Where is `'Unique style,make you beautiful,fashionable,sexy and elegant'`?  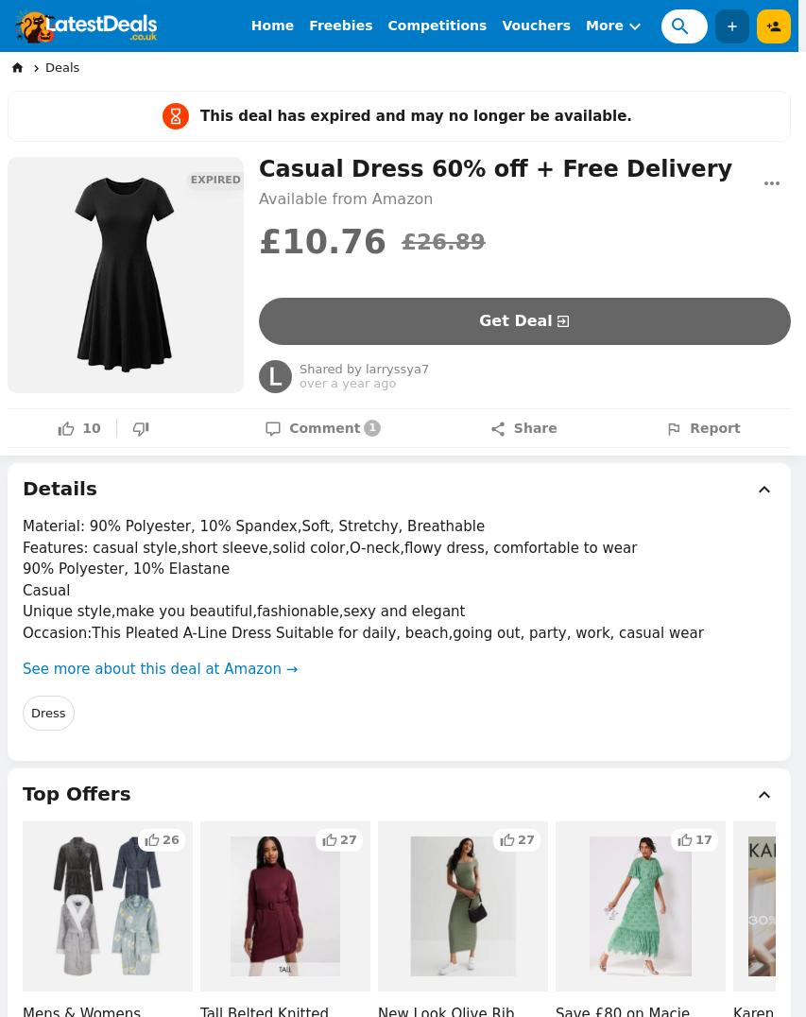 'Unique style,make you beautiful,fashionable,sexy and elegant' is located at coordinates (21, 610).